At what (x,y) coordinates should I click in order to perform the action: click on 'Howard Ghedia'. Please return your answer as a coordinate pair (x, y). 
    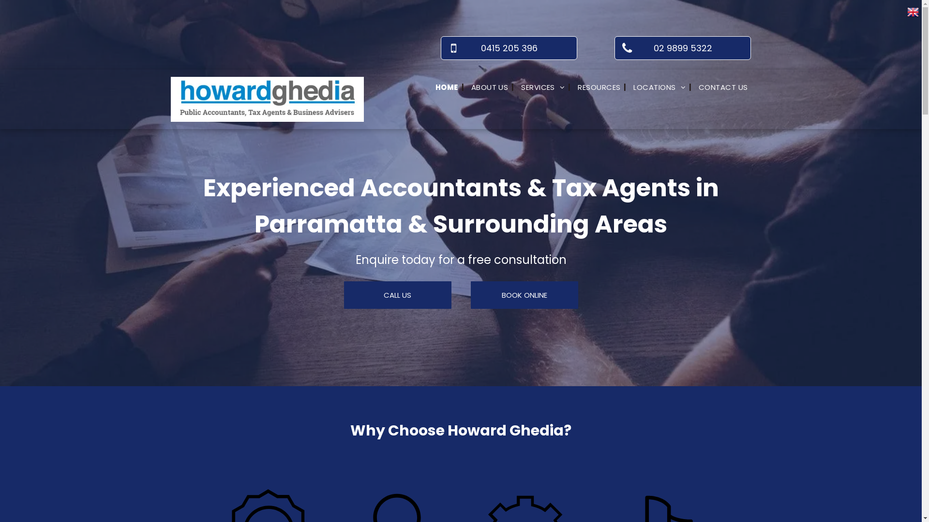
    Looking at the image, I should click on (267, 99).